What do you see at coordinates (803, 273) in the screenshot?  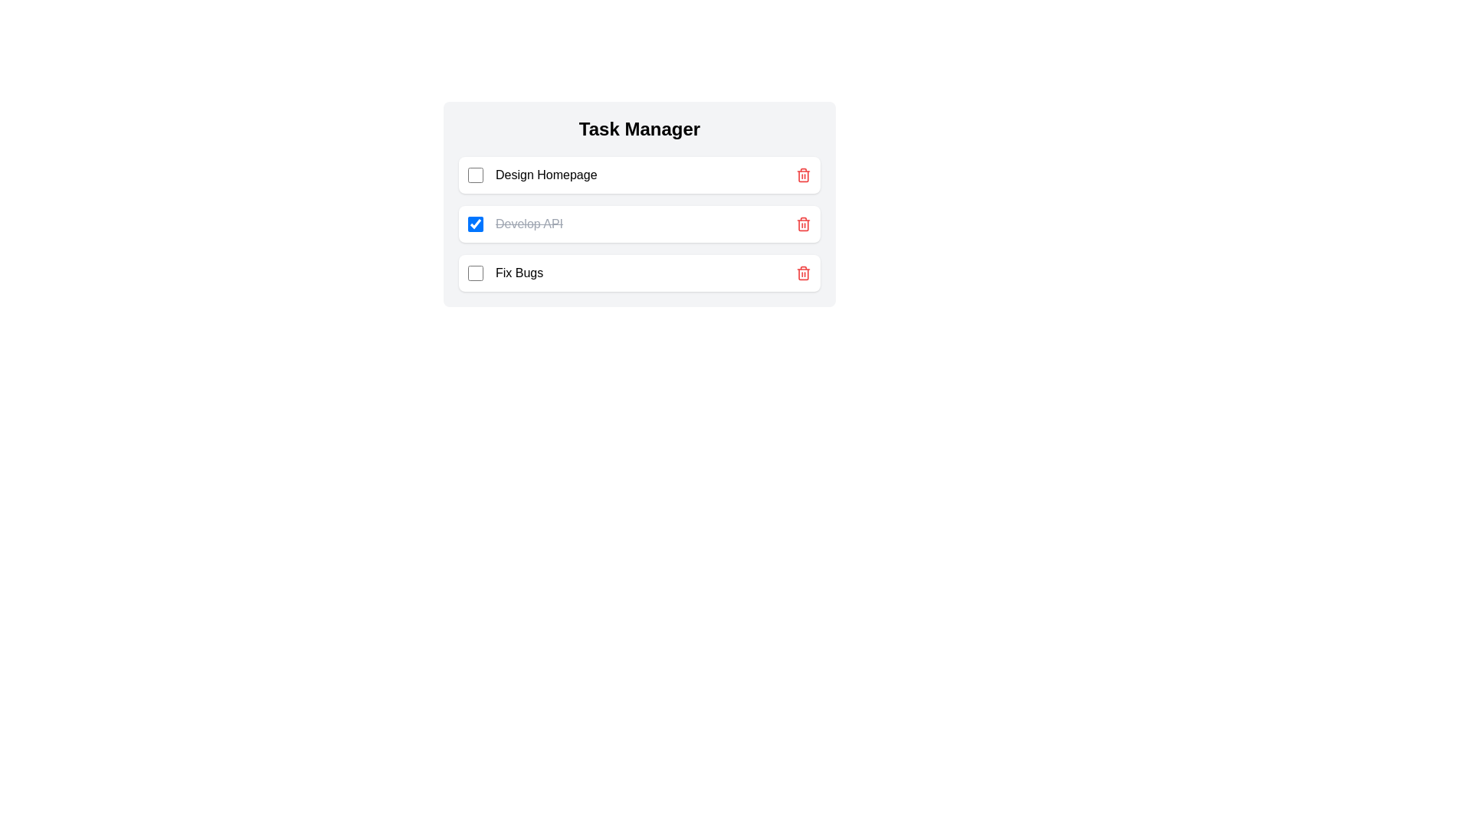 I see `trash icon for the task 'Fix Bugs'` at bounding box center [803, 273].